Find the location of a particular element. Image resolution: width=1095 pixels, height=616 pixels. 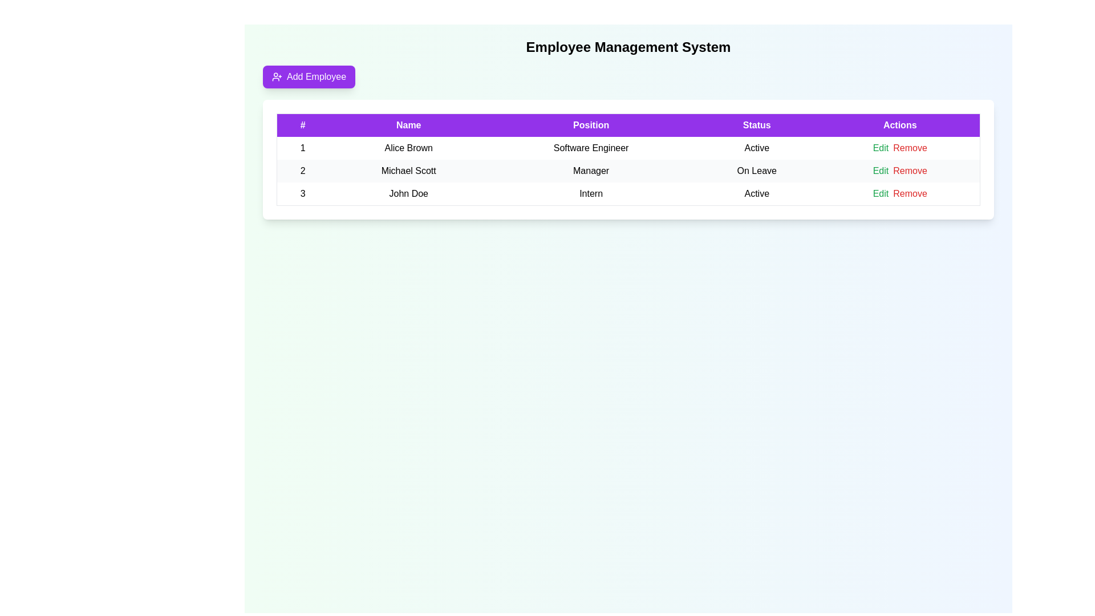

the 'Remove' link in the Group of buttons located in the 'Actions' column of the third row of the table is located at coordinates (899, 193).